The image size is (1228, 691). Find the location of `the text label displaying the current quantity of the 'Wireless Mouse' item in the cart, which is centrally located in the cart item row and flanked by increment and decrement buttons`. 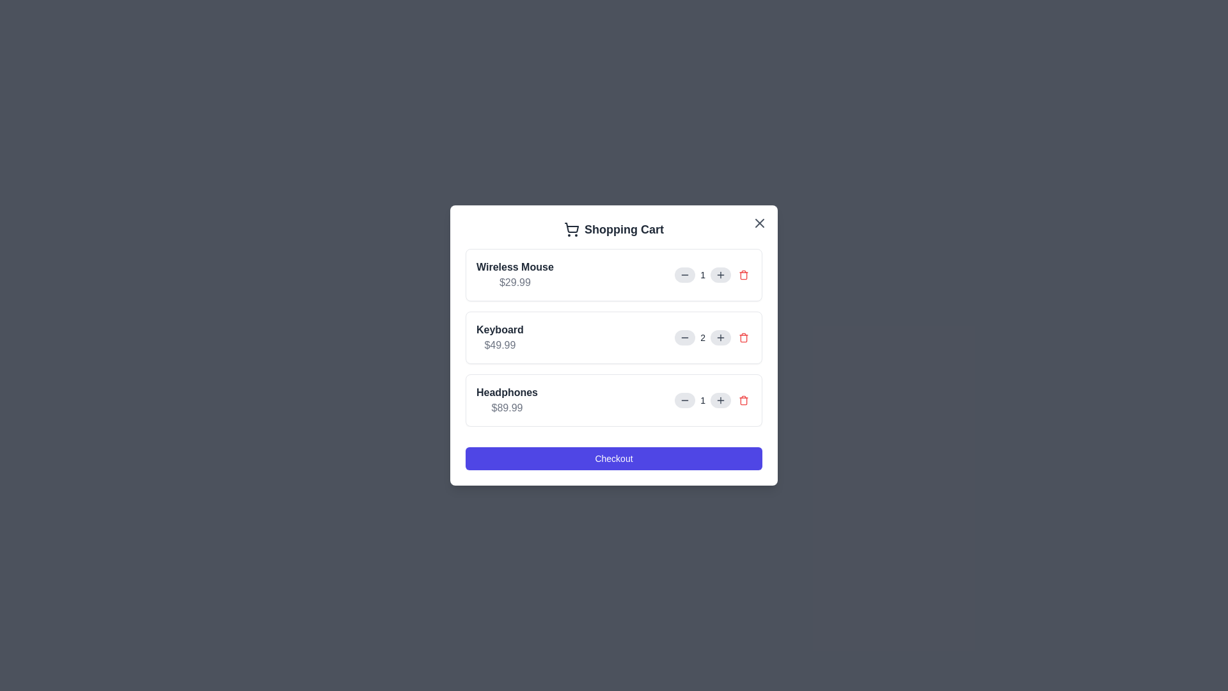

the text label displaying the current quantity of the 'Wireless Mouse' item in the cart, which is centrally located in the cart item row and flanked by increment and decrement buttons is located at coordinates (712, 274).